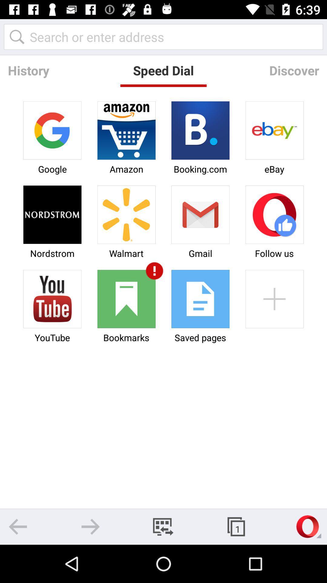 This screenshot has height=583, width=327. What do you see at coordinates (294, 70) in the screenshot?
I see `item to the right of the speed dial icon` at bounding box center [294, 70].